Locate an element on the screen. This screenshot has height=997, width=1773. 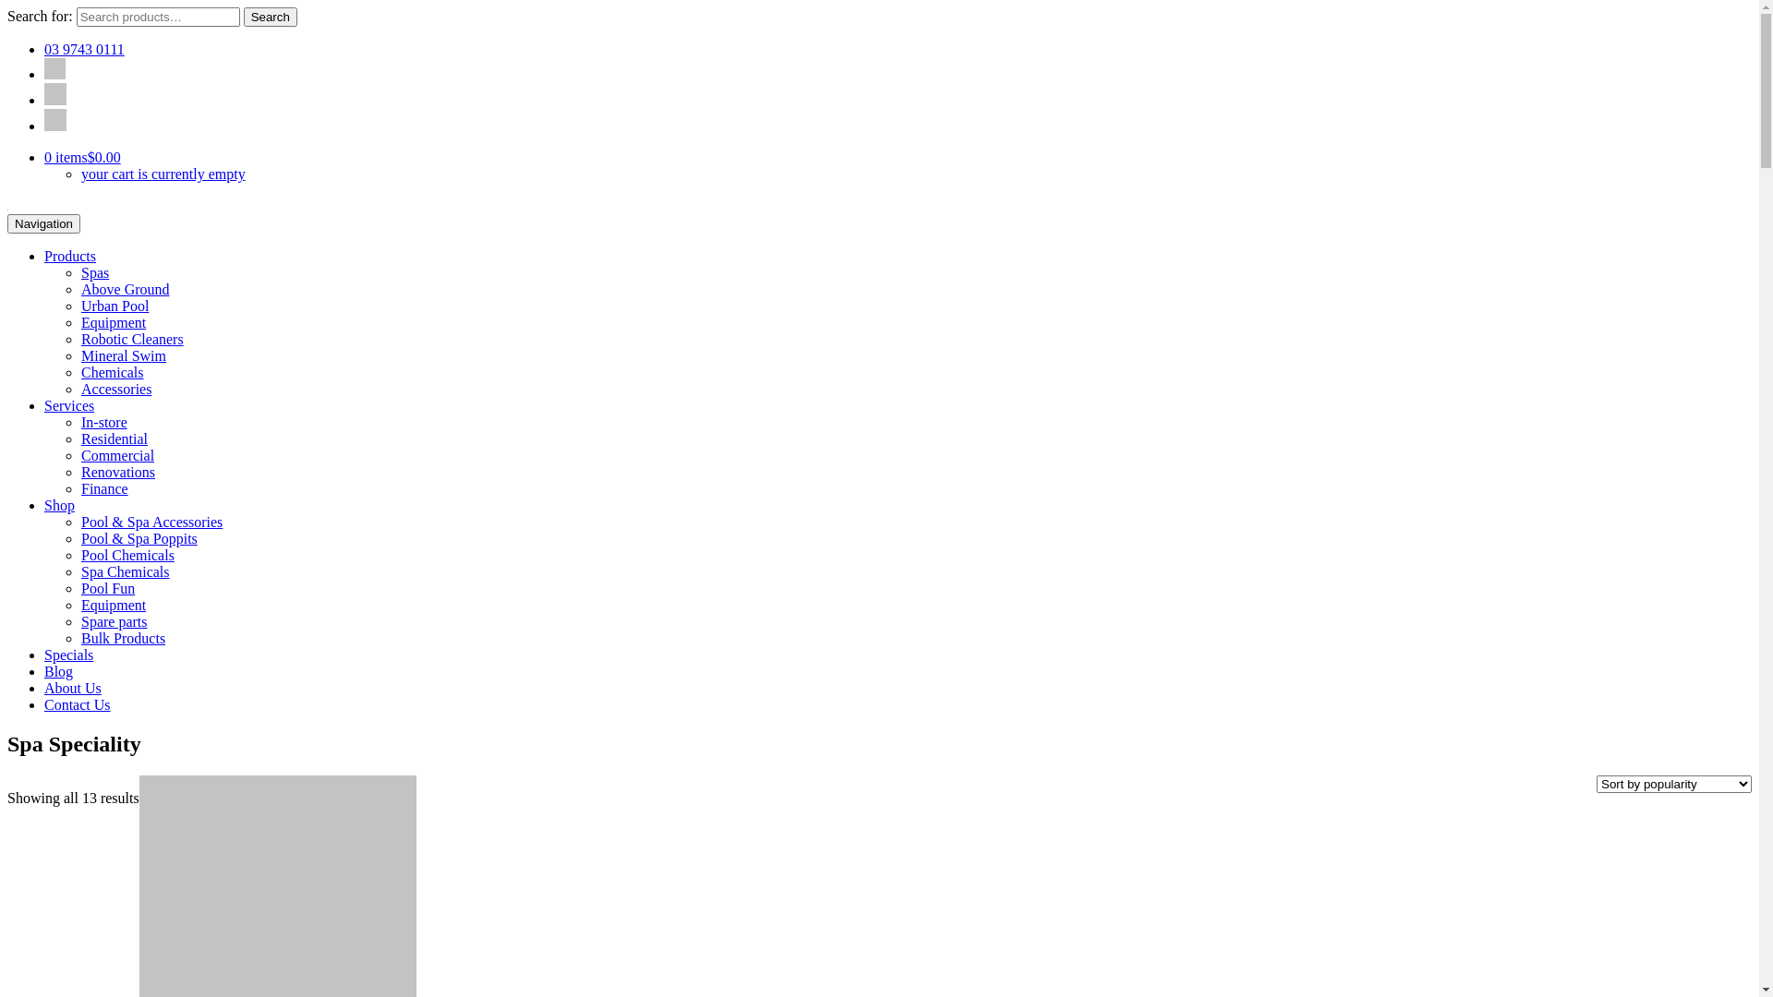
'Equipment' is located at coordinates (113, 321).